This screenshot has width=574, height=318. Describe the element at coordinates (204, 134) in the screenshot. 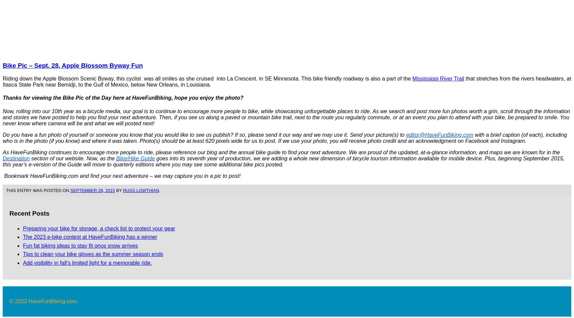

I see `'Do you have a fun photo of yourself or someone you know that you would like to see us publish? If so, please send it our way and we may use it. Send your picture(s) to'` at that location.